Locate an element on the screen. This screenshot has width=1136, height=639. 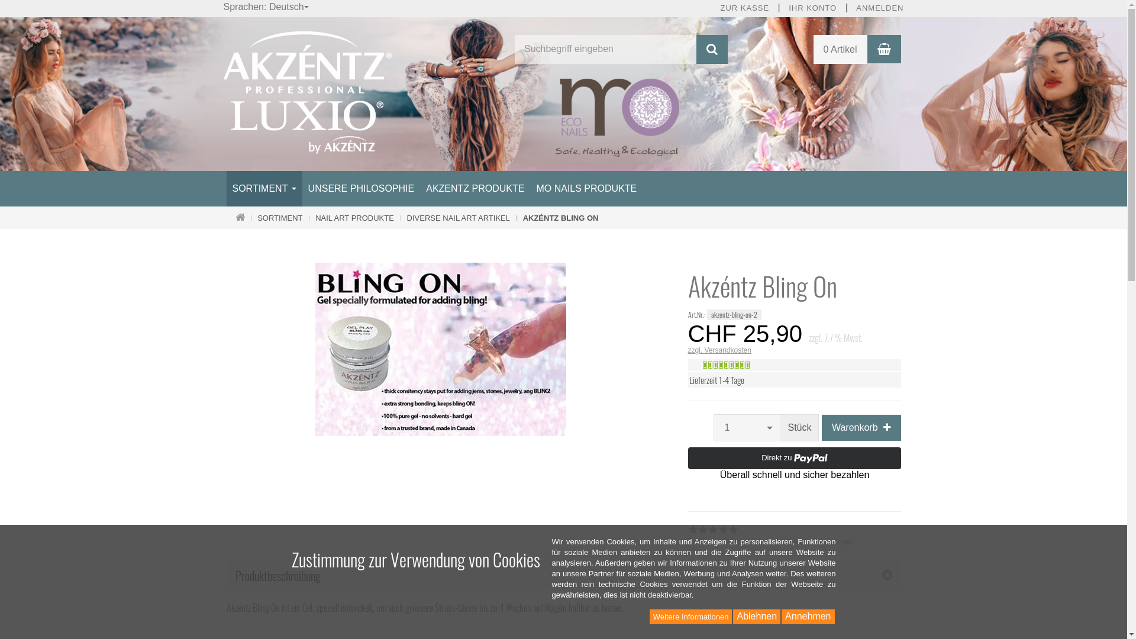
'Warenkorb' is located at coordinates (884, 49).